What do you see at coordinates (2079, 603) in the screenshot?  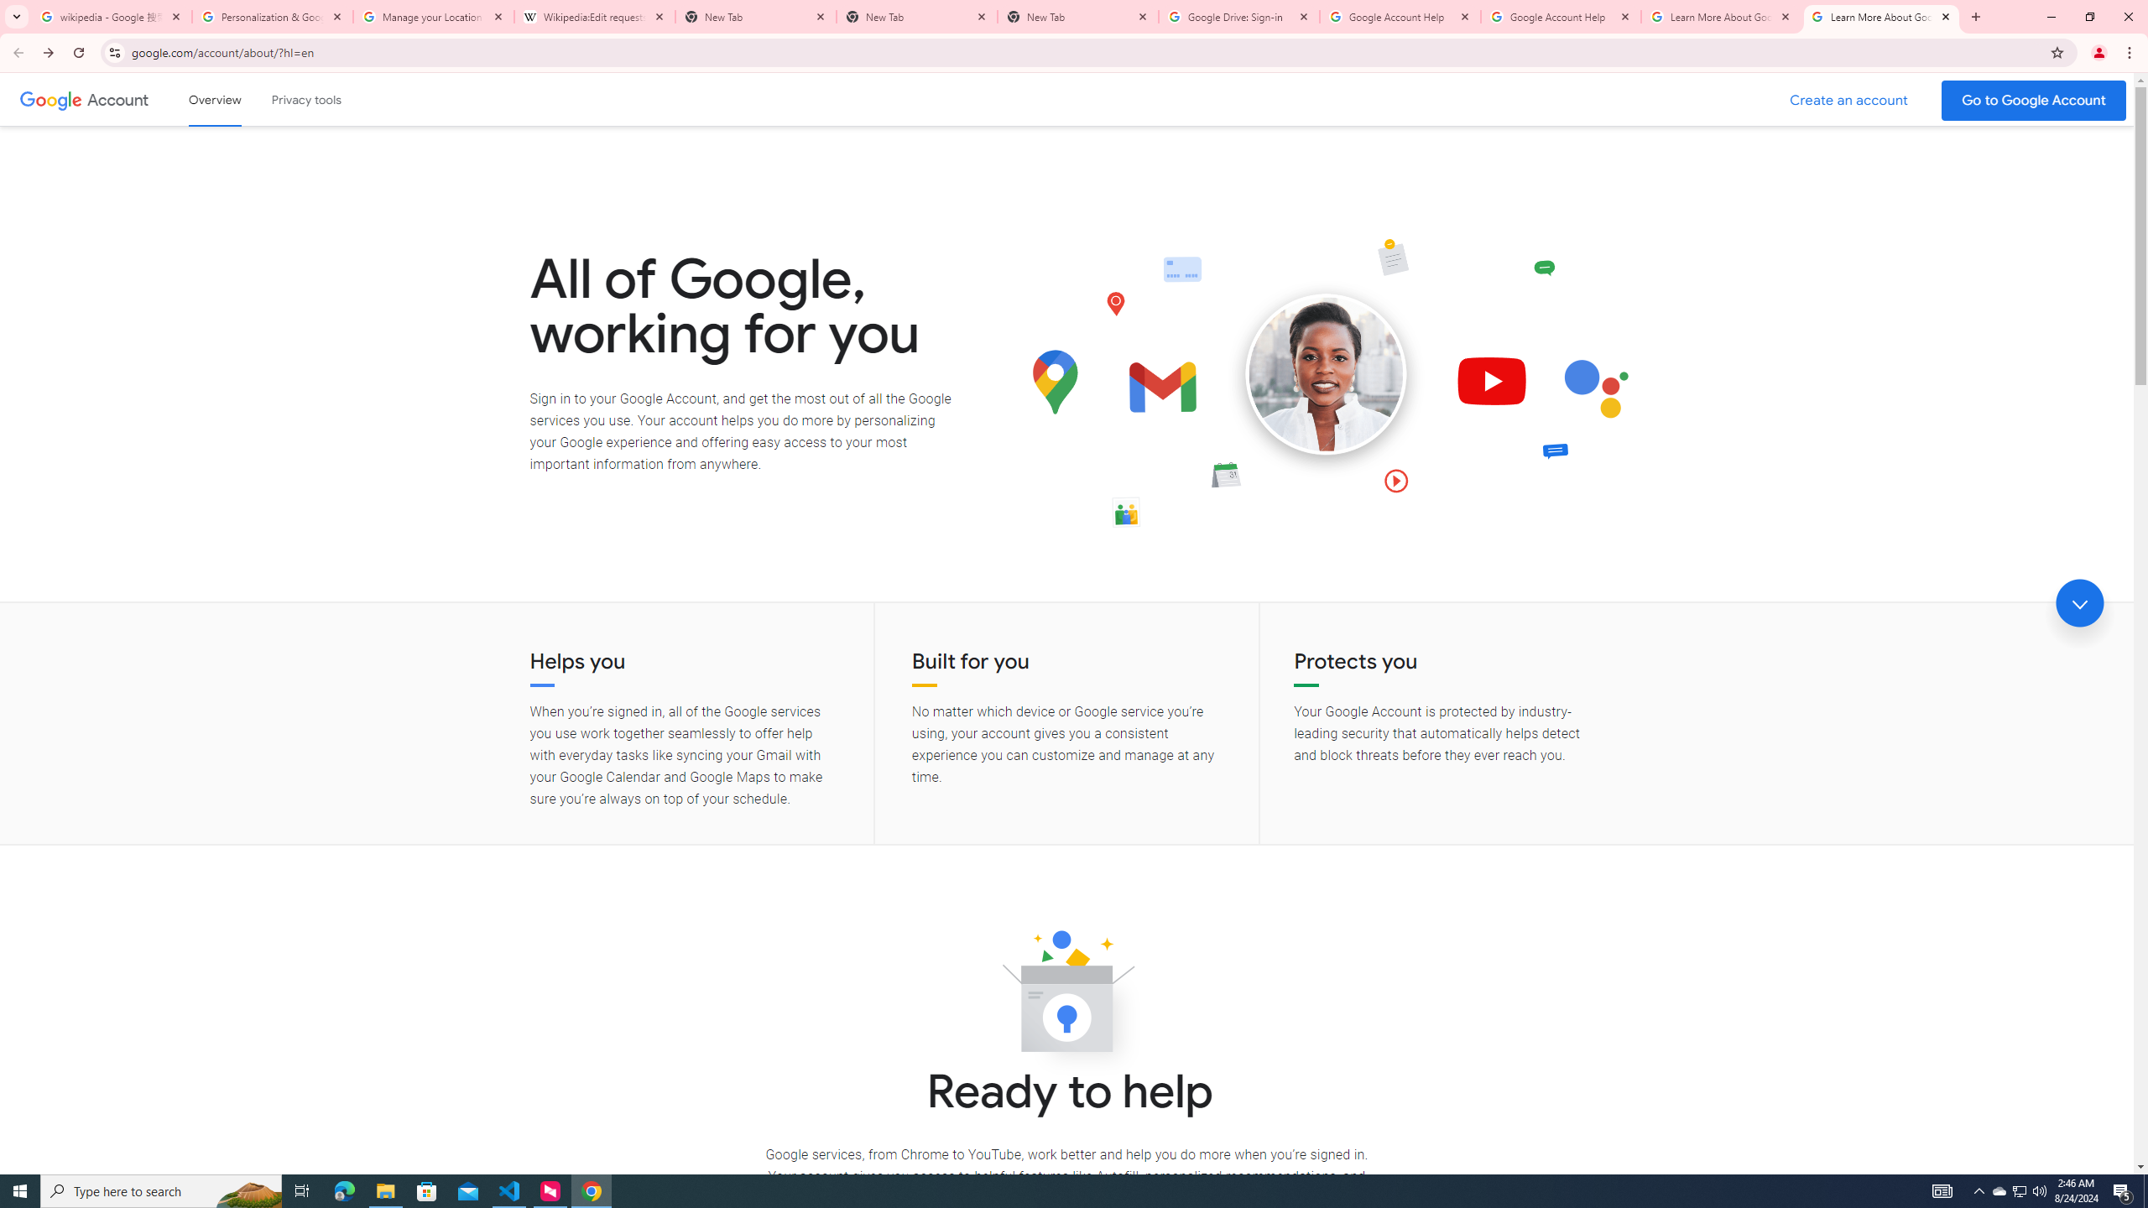 I see `'Jump link'` at bounding box center [2079, 603].